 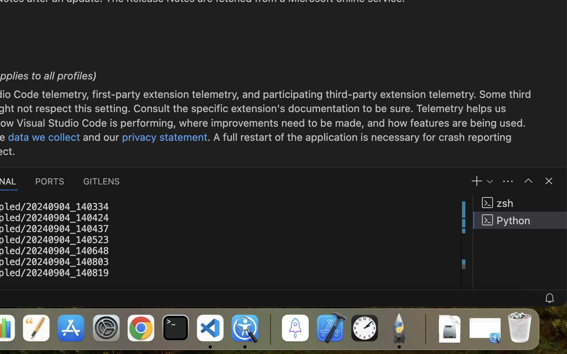 I want to click on '0 GITLENS', so click(x=102, y=180).